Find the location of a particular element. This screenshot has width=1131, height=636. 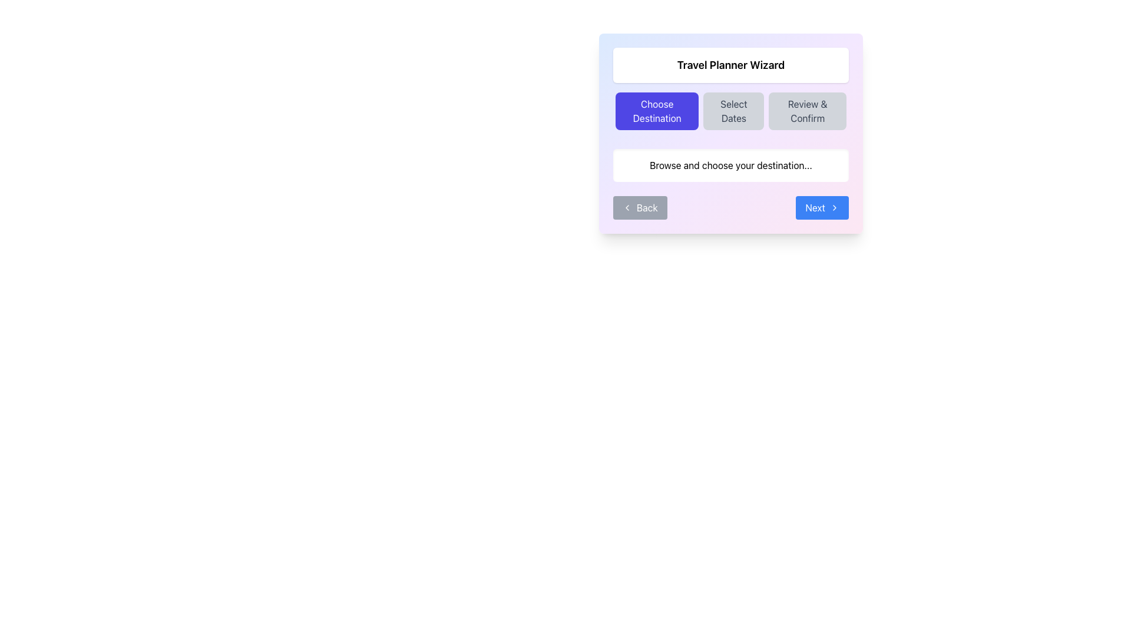

the destination selection button in the navigation bar, which is the first of three horizontally aligned buttons positioned to the left of 'Select Dates' and 'Review & Confirm' is located at coordinates (656, 111).